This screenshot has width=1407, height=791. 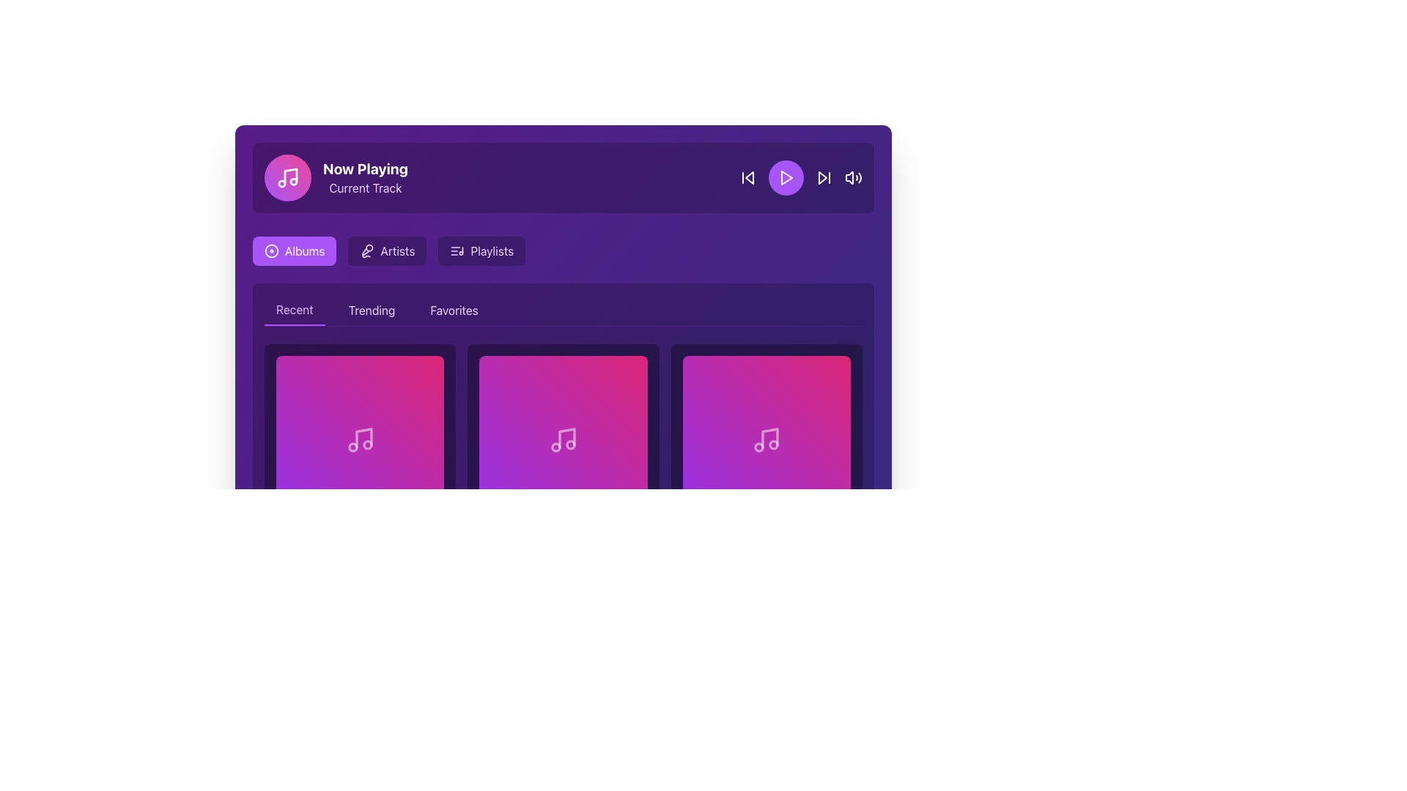 What do you see at coordinates (387, 250) in the screenshot?
I see `the 'Artists' button, which is the second button in a horizontal row of three buttons ('Albums', 'Artists', 'Playlists')` at bounding box center [387, 250].